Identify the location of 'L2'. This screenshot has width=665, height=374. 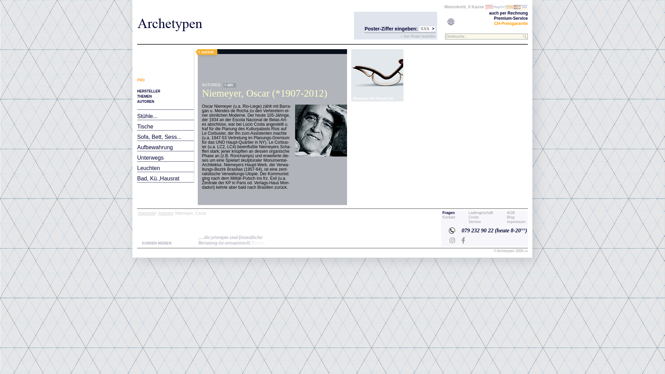
(377, 75).